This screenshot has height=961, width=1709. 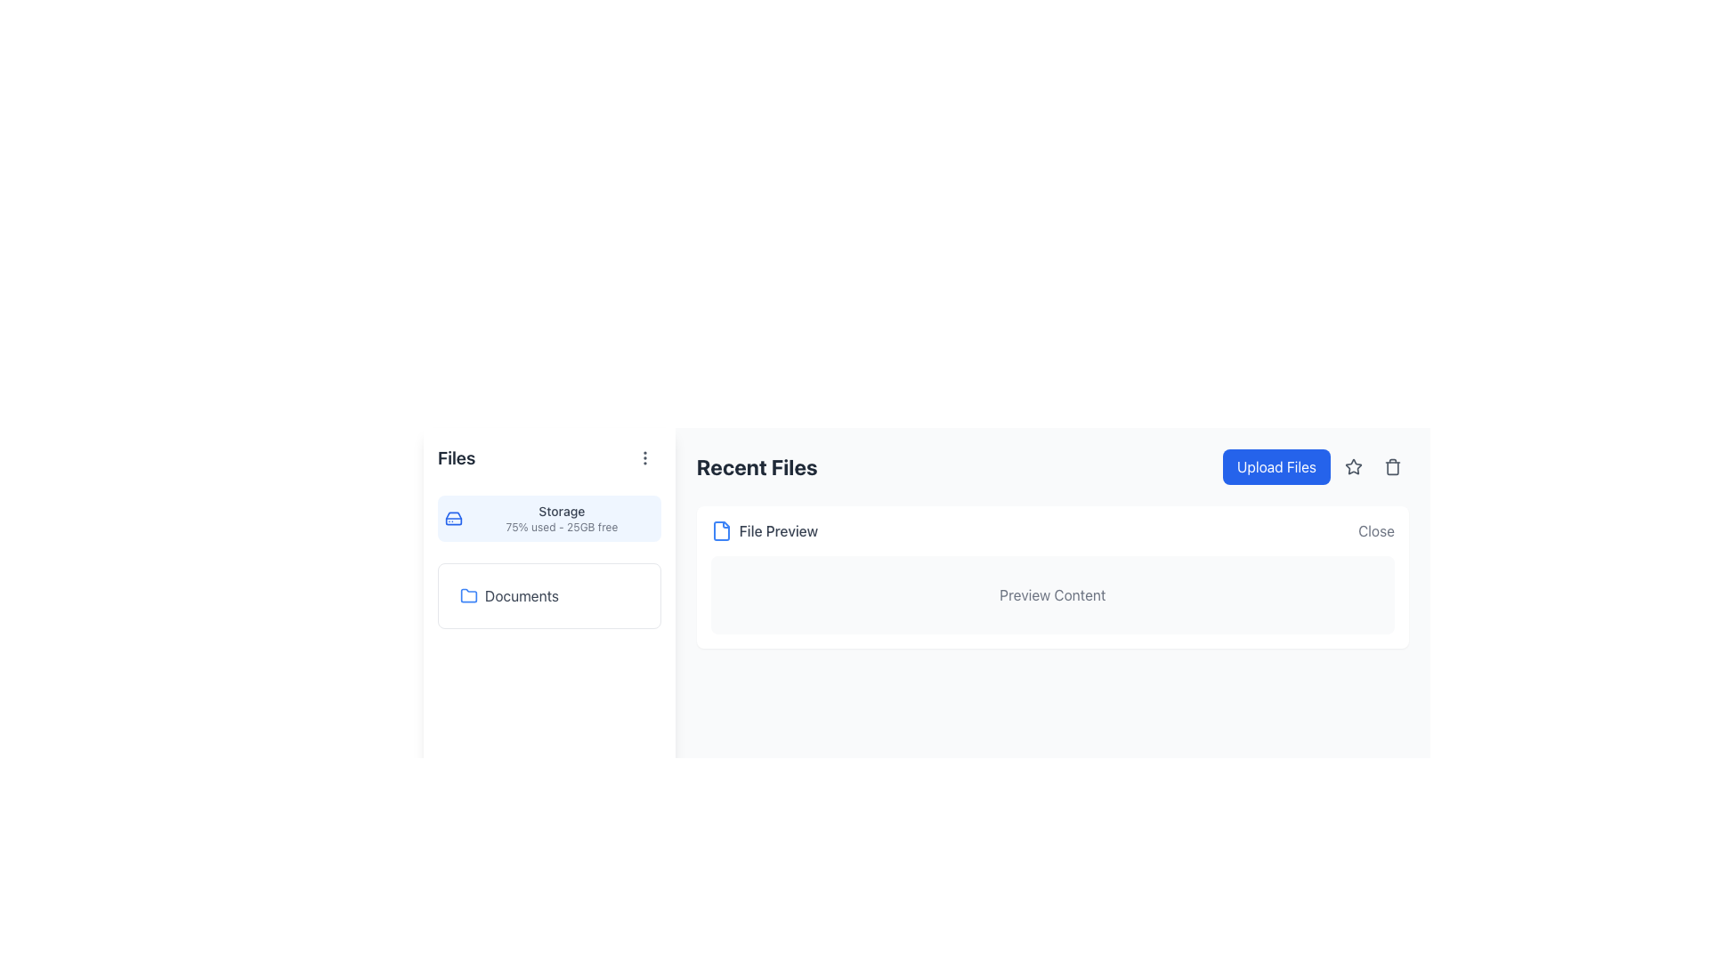 What do you see at coordinates (1276, 465) in the screenshot?
I see `the prominently styled blue button labeled 'Upload Files'` at bounding box center [1276, 465].